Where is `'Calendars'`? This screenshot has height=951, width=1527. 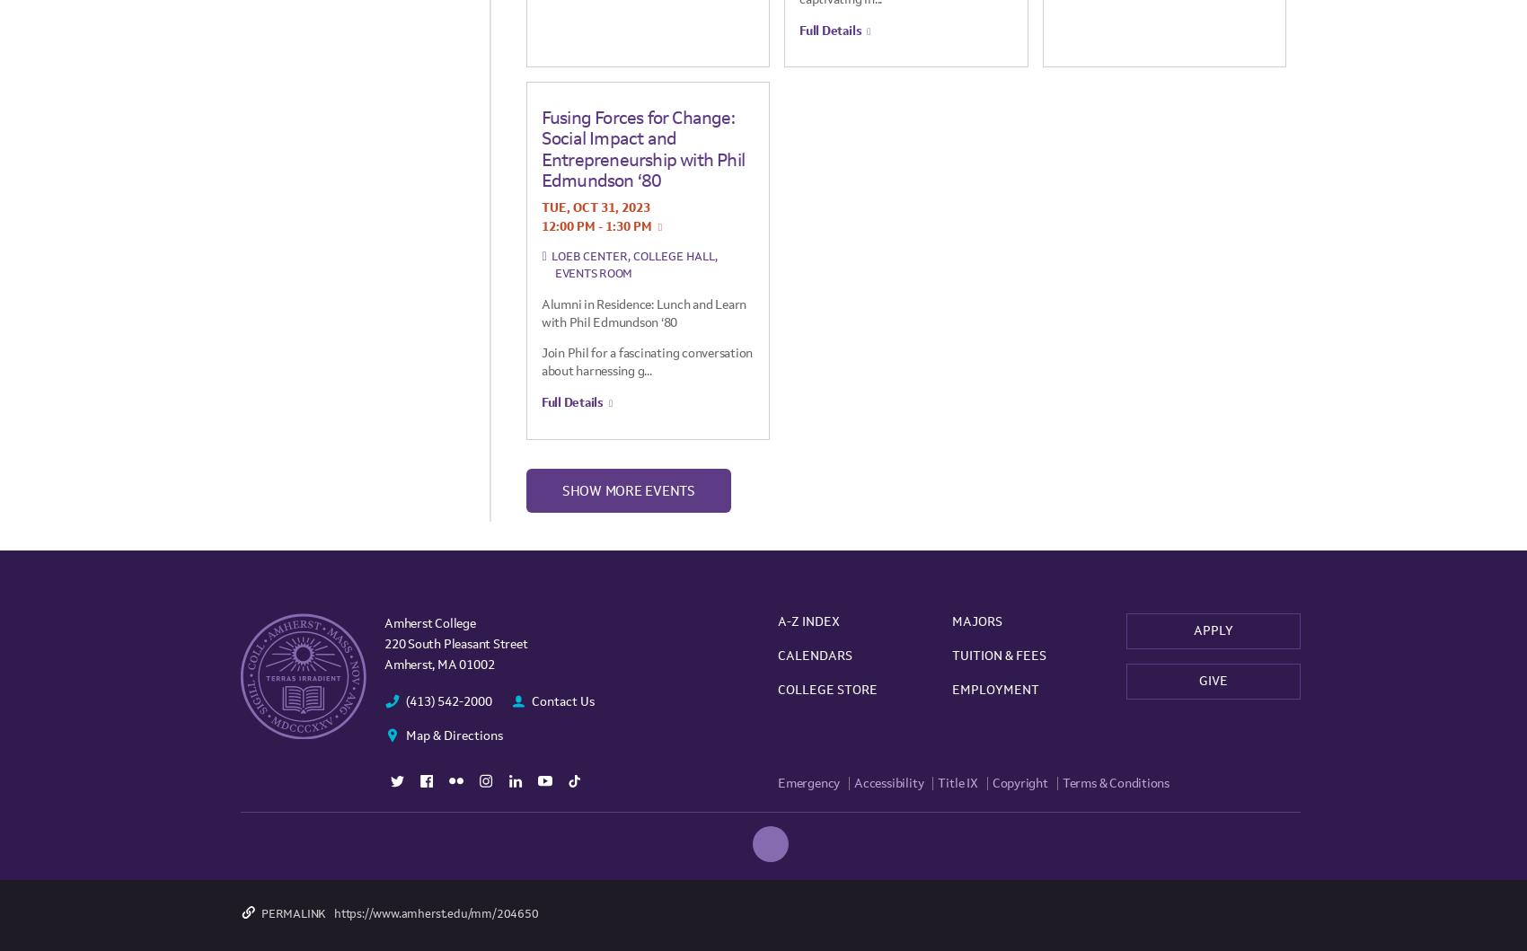
'Calendars' is located at coordinates (815, 655).